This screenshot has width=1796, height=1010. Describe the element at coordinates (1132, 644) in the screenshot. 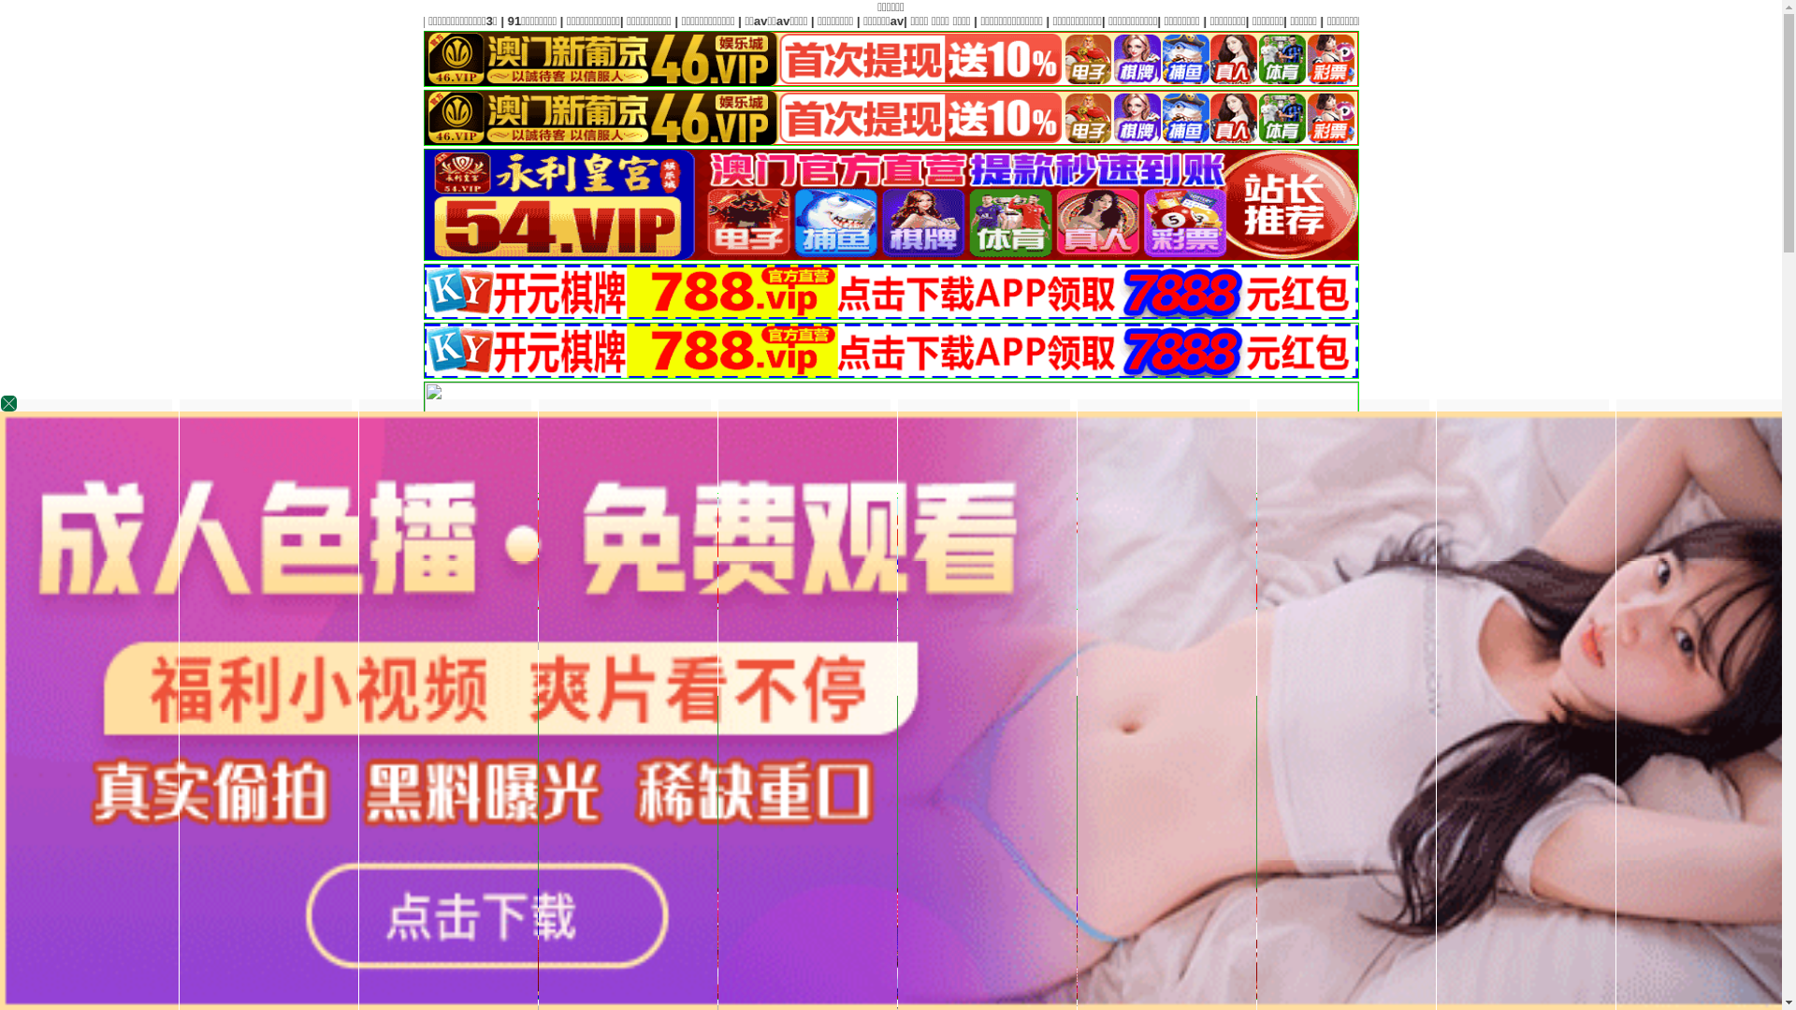

I see `'www.swszl.com'` at that location.